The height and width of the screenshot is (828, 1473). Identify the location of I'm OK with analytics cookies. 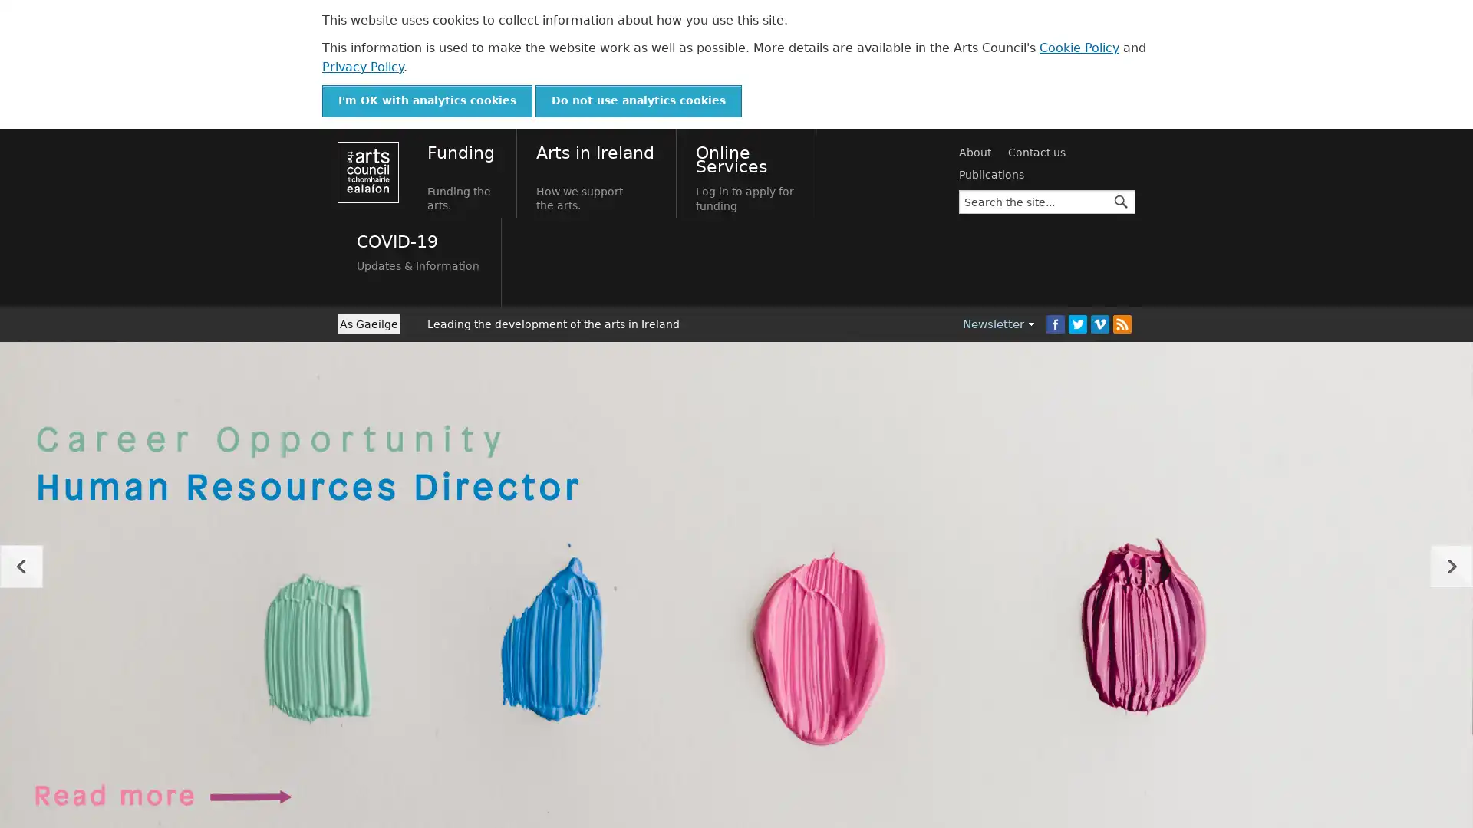
(427, 100).